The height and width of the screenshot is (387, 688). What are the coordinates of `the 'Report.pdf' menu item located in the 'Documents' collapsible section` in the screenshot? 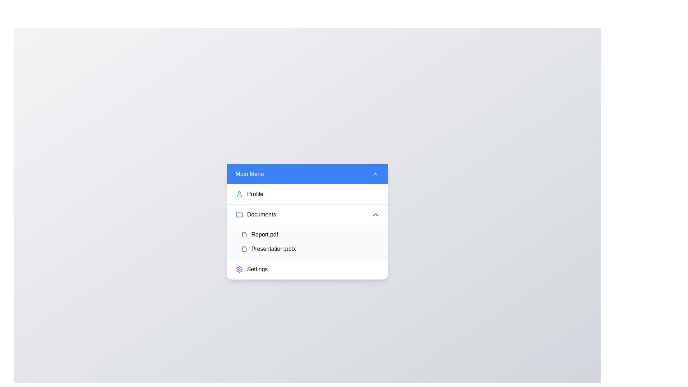 It's located at (307, 231).